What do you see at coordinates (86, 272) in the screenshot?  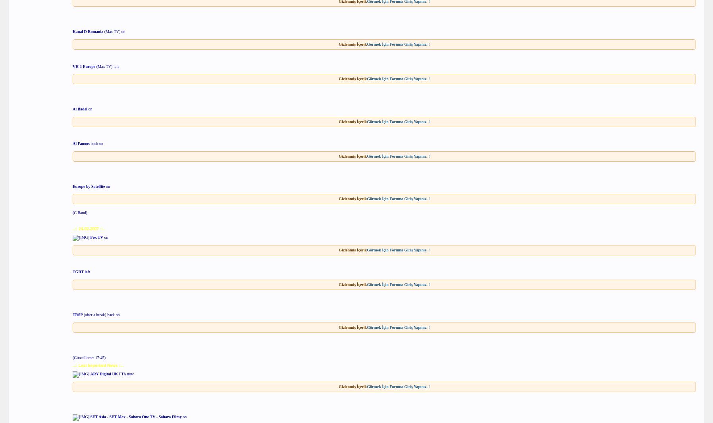 I see `'left'` at bounding box center [86, 272].